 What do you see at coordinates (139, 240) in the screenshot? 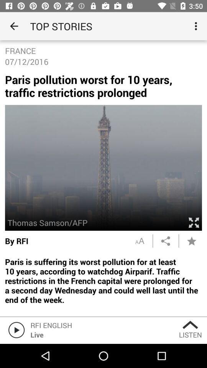
I see `the font icon` at bounding box center [139, 240].